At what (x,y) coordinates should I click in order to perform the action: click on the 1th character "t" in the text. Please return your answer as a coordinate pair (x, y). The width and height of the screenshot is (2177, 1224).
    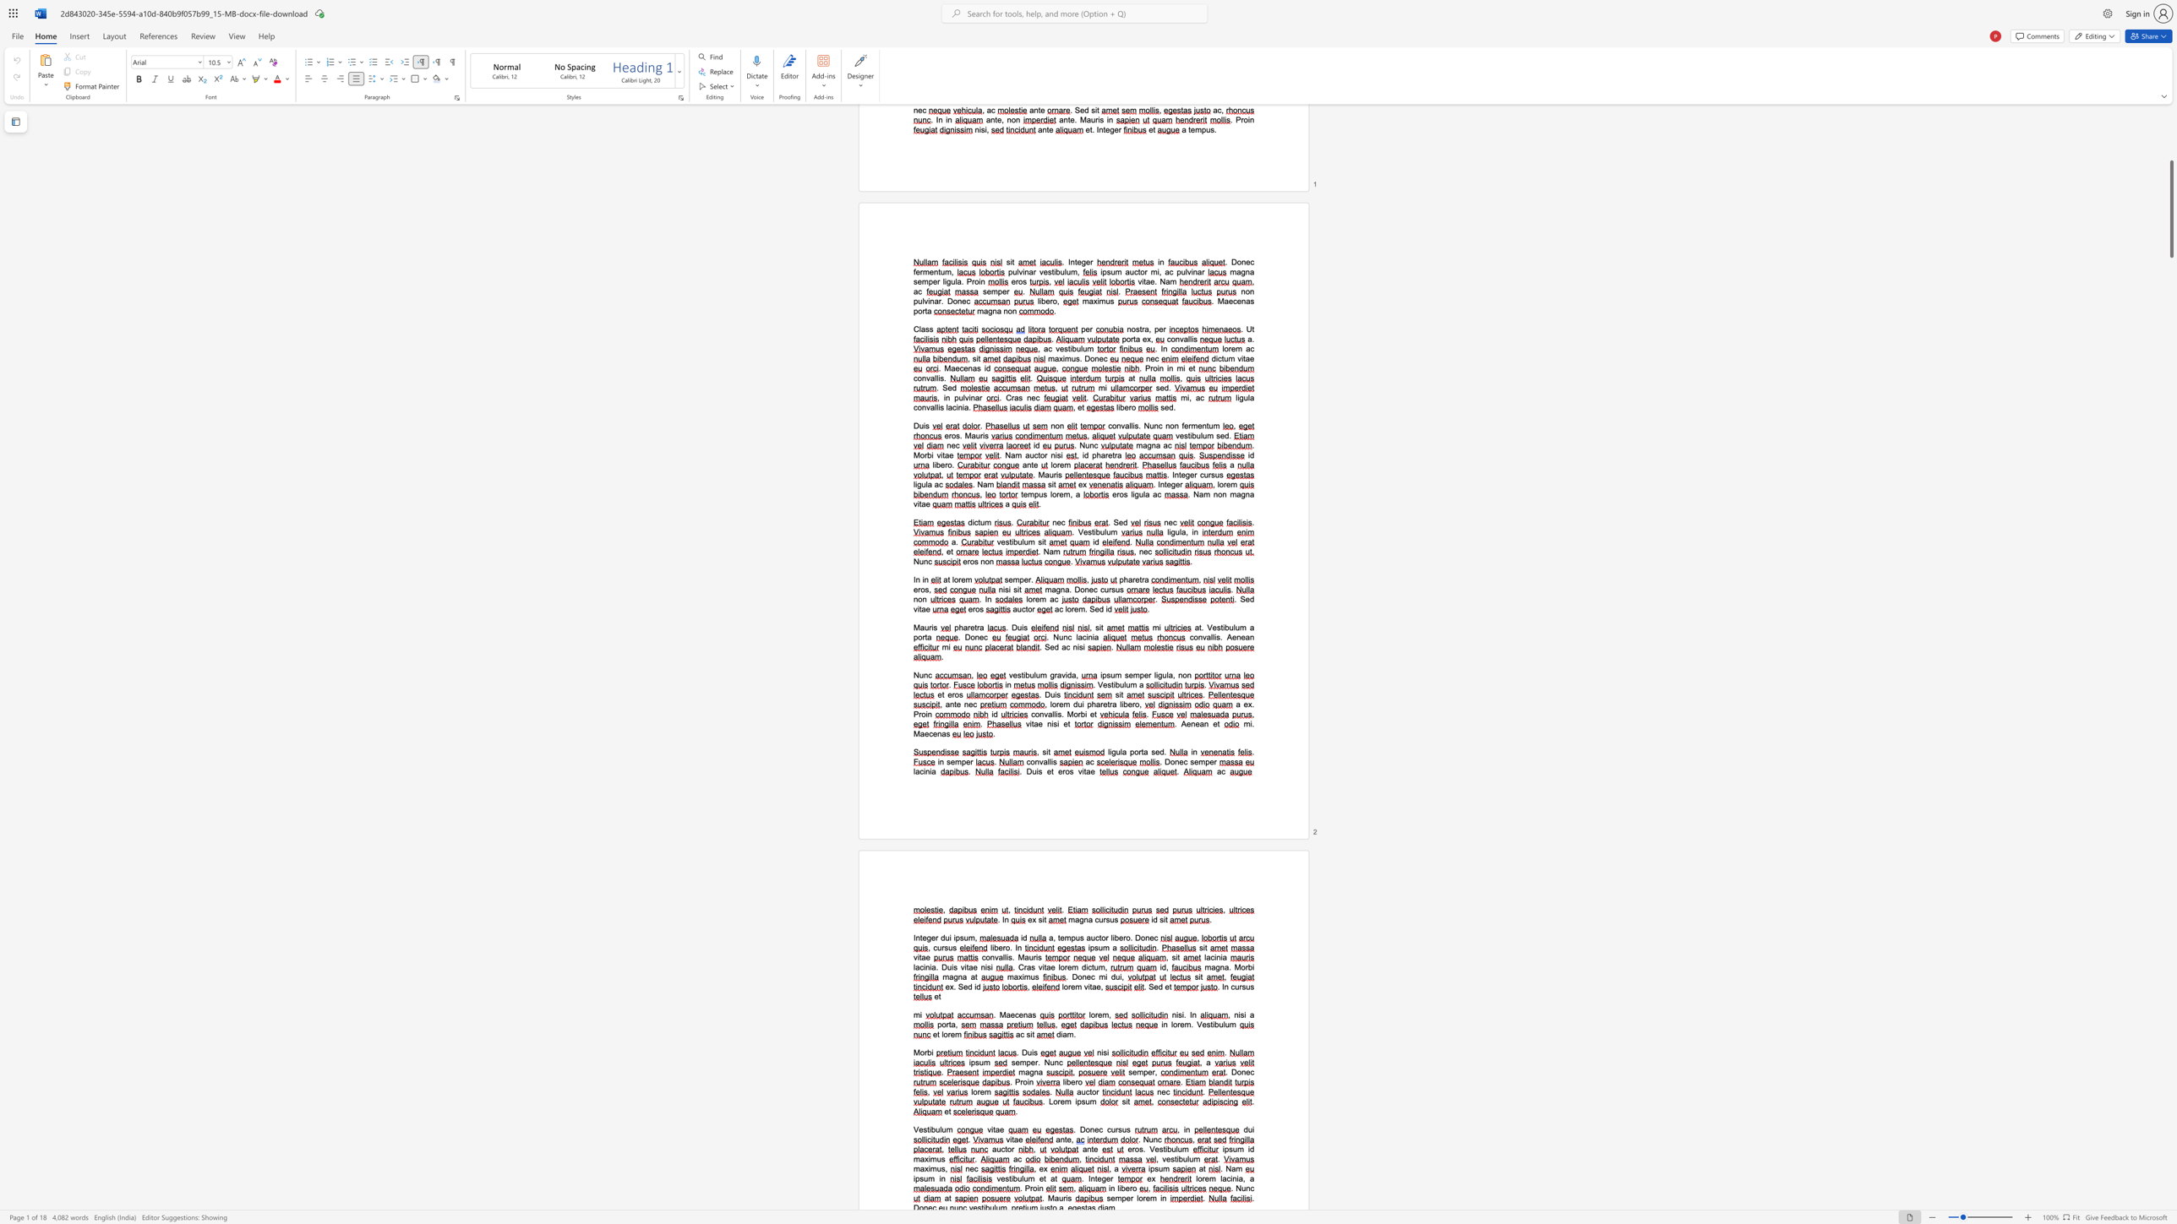
    Looking at the image, I should click on (976, 977).